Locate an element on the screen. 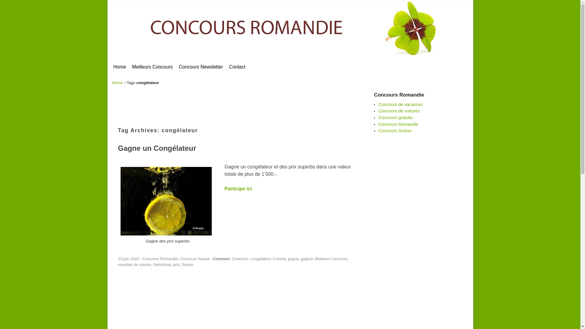  'Concours gratuits' is located at coordinates (395, 117).